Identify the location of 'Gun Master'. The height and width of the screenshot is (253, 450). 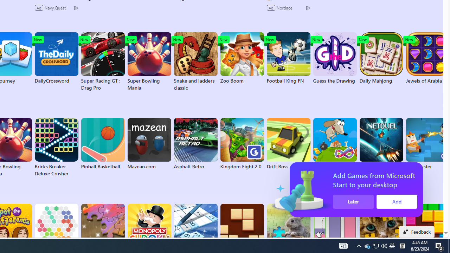
(427, 144).